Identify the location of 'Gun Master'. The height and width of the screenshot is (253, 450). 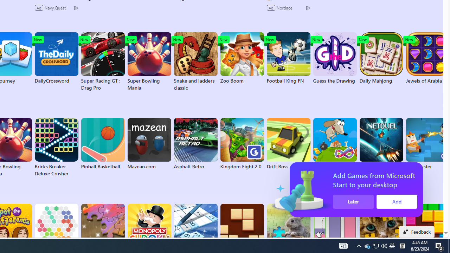
(427, 144).